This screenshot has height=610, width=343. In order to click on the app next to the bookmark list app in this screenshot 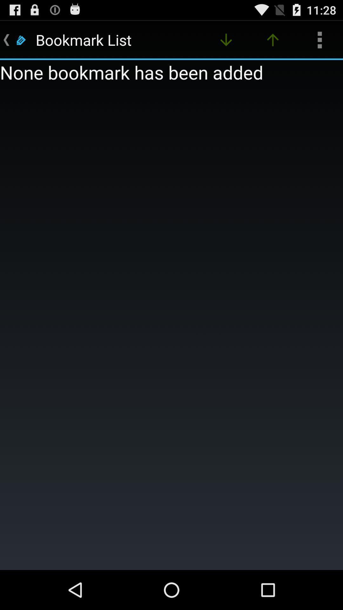, I will do `click(226, 39)`.